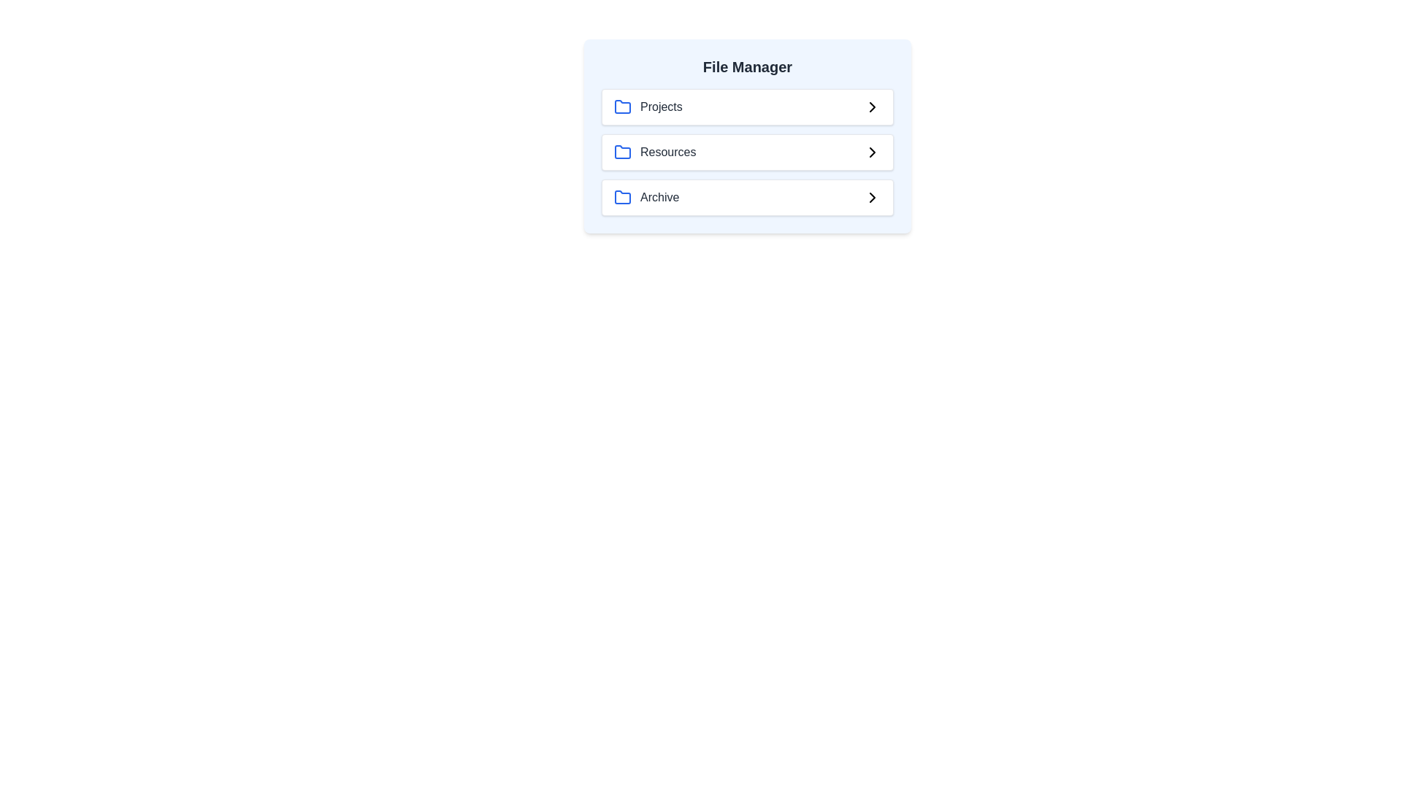 Image resolution: width=1402 pixels, height=788 pixels. I want to click on the text label displaying 'Archive', which is styled in gray and located next to a folder icon in the File Manager interface, so click(659, 197).